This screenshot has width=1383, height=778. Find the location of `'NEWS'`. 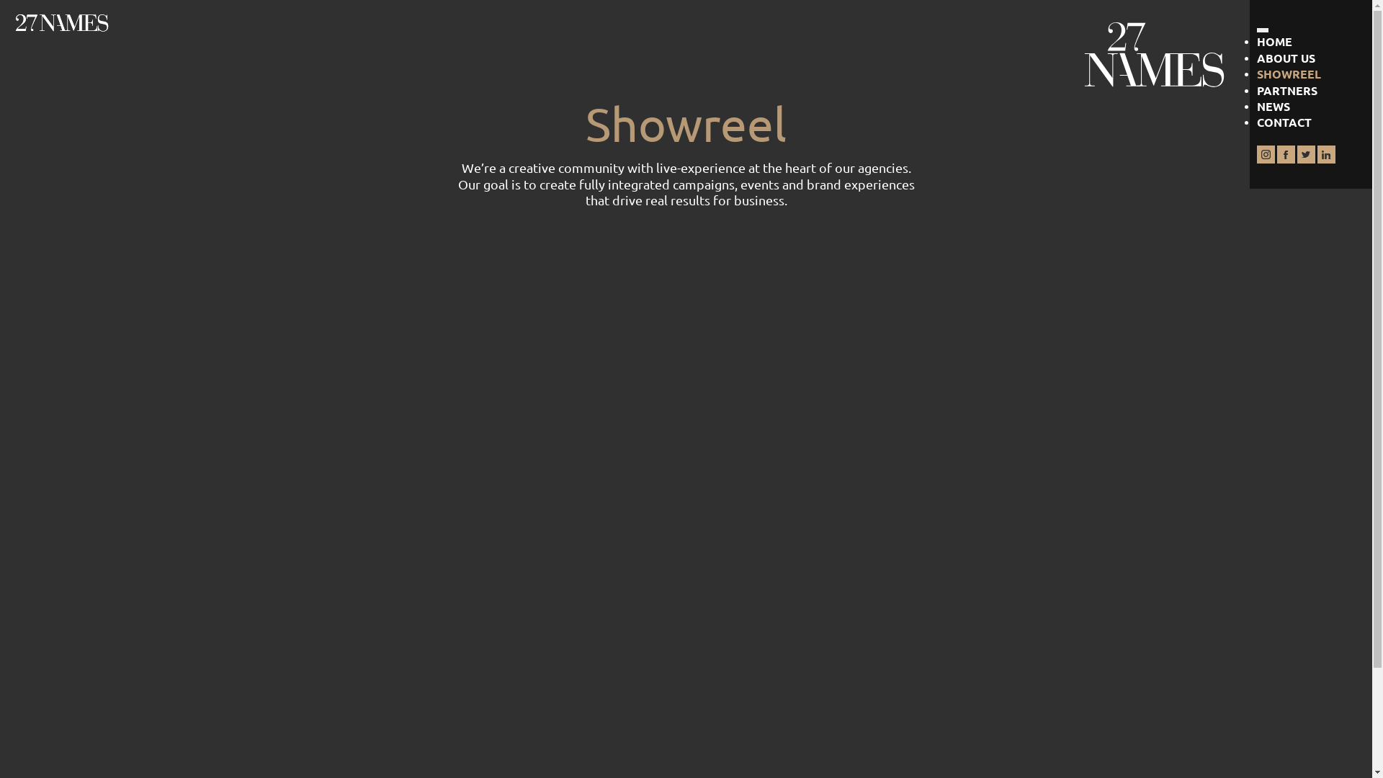

'NEWS' is located at coordinates (1273, 105).